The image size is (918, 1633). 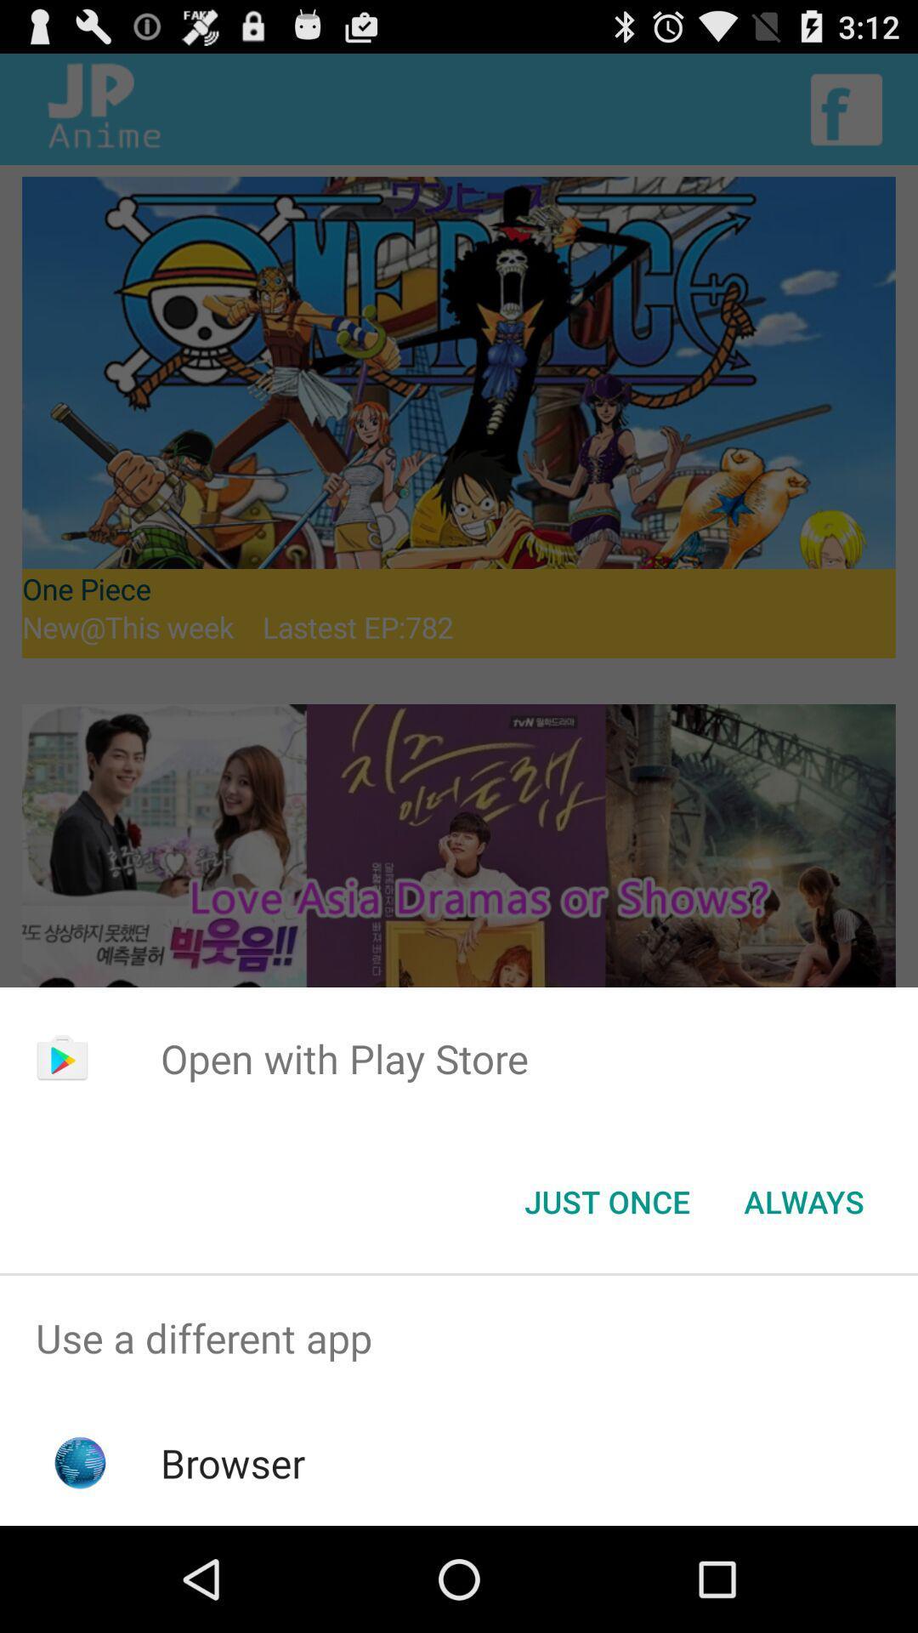 What do you see at coordinates (606, 1200) in the screenshot?
I see `button next to the always icon` at bounding box center [606, 1200].